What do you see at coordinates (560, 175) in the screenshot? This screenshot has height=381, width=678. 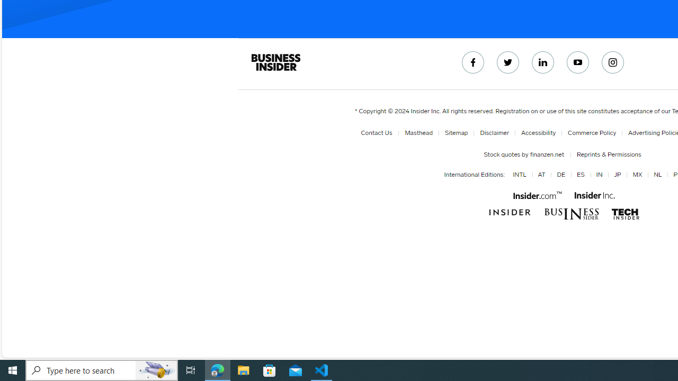 I see `'DE'` at bounding box center [560, 175].